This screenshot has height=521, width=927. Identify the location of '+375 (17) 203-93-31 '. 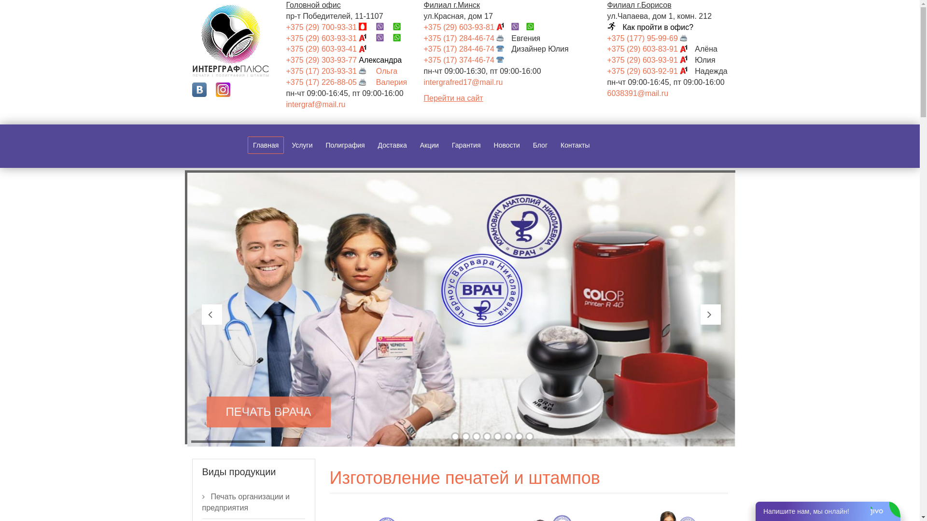
(329, 70).